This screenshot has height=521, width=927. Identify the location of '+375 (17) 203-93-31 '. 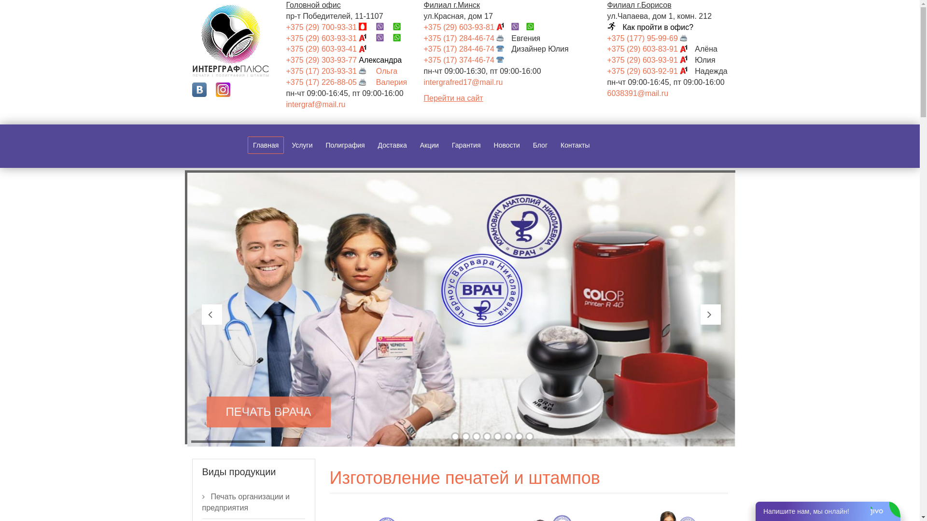
(329, 70).